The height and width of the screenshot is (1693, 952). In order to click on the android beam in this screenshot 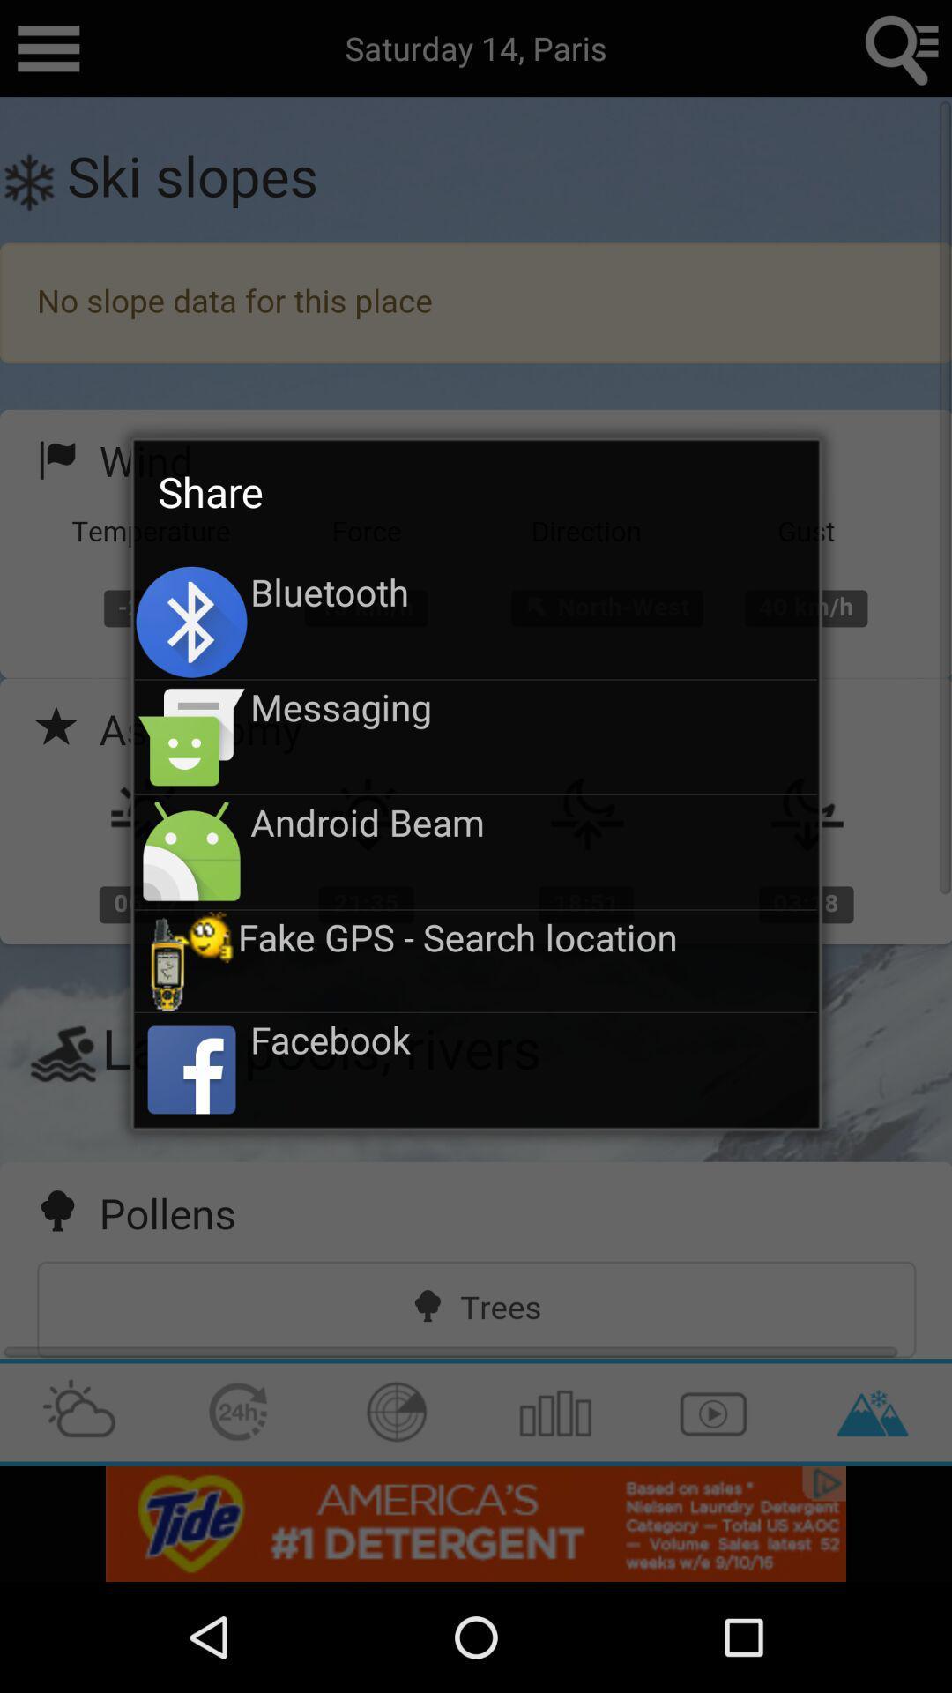, I will do `click(532, 821)`.